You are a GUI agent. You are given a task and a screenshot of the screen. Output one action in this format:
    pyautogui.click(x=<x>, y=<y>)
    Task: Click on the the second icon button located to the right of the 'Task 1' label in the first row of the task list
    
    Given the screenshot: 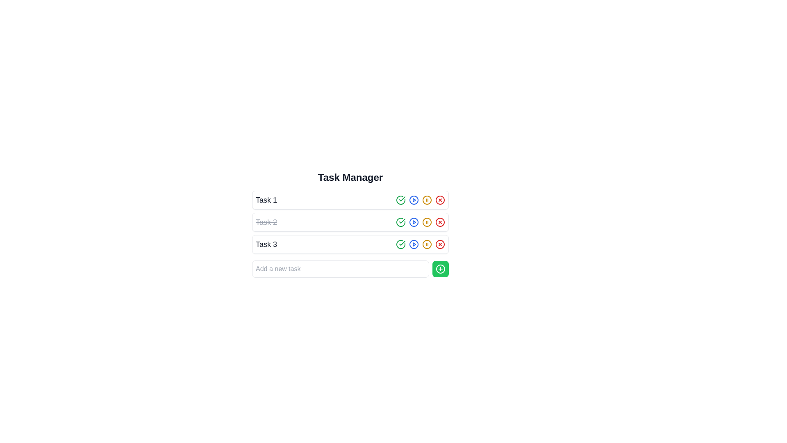 What is the action you would take?
    pyautogui.click(x=414, y=200)
    